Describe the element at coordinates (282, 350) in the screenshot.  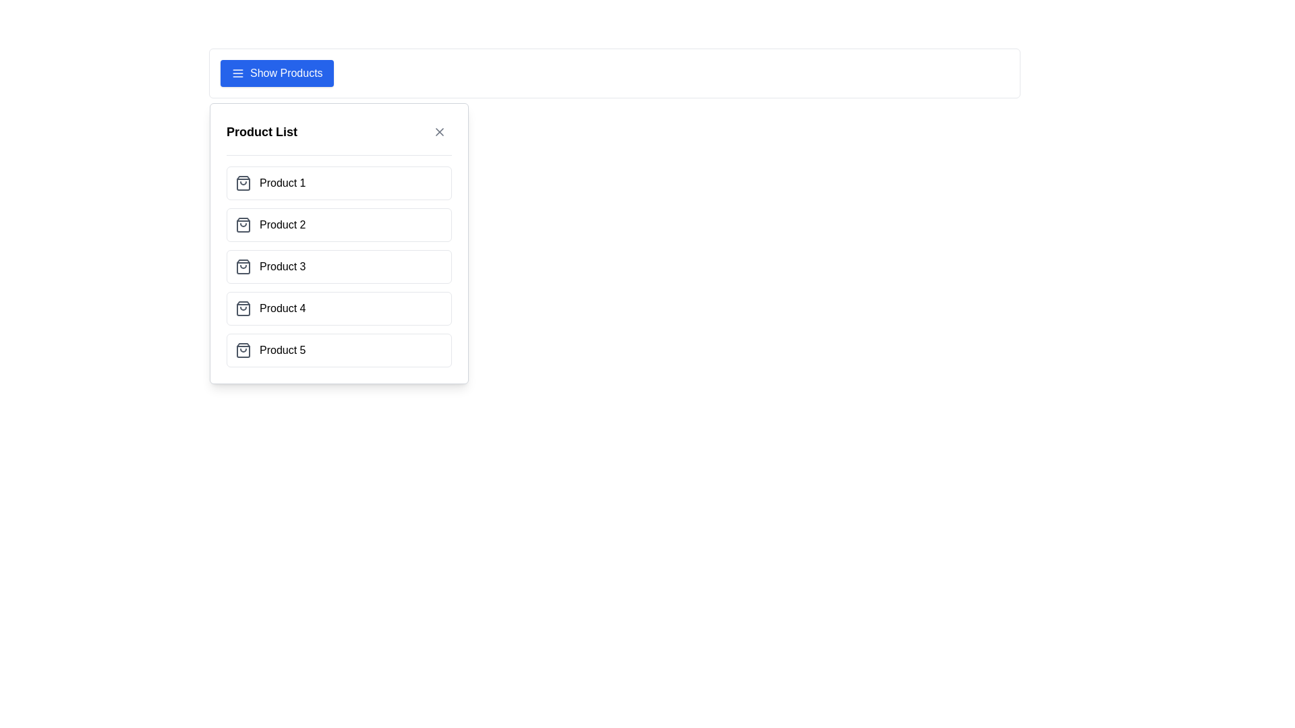
I see `the last text label in the product list` at that location.